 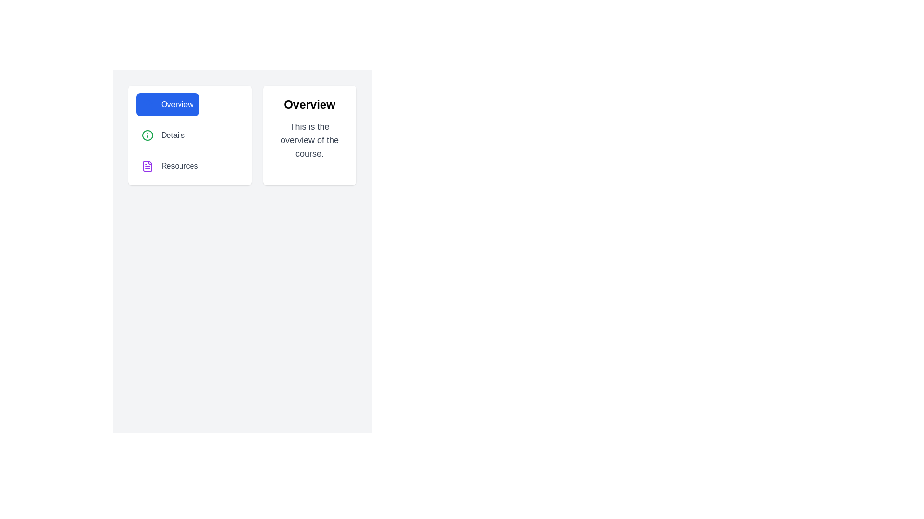 I want to click on the 'Overview' icon located inside the blue rectangular button on the left-hand side of the interface, positioned above the text 'Overview' in the first card of the grid layout, so click(x=147, y=104).